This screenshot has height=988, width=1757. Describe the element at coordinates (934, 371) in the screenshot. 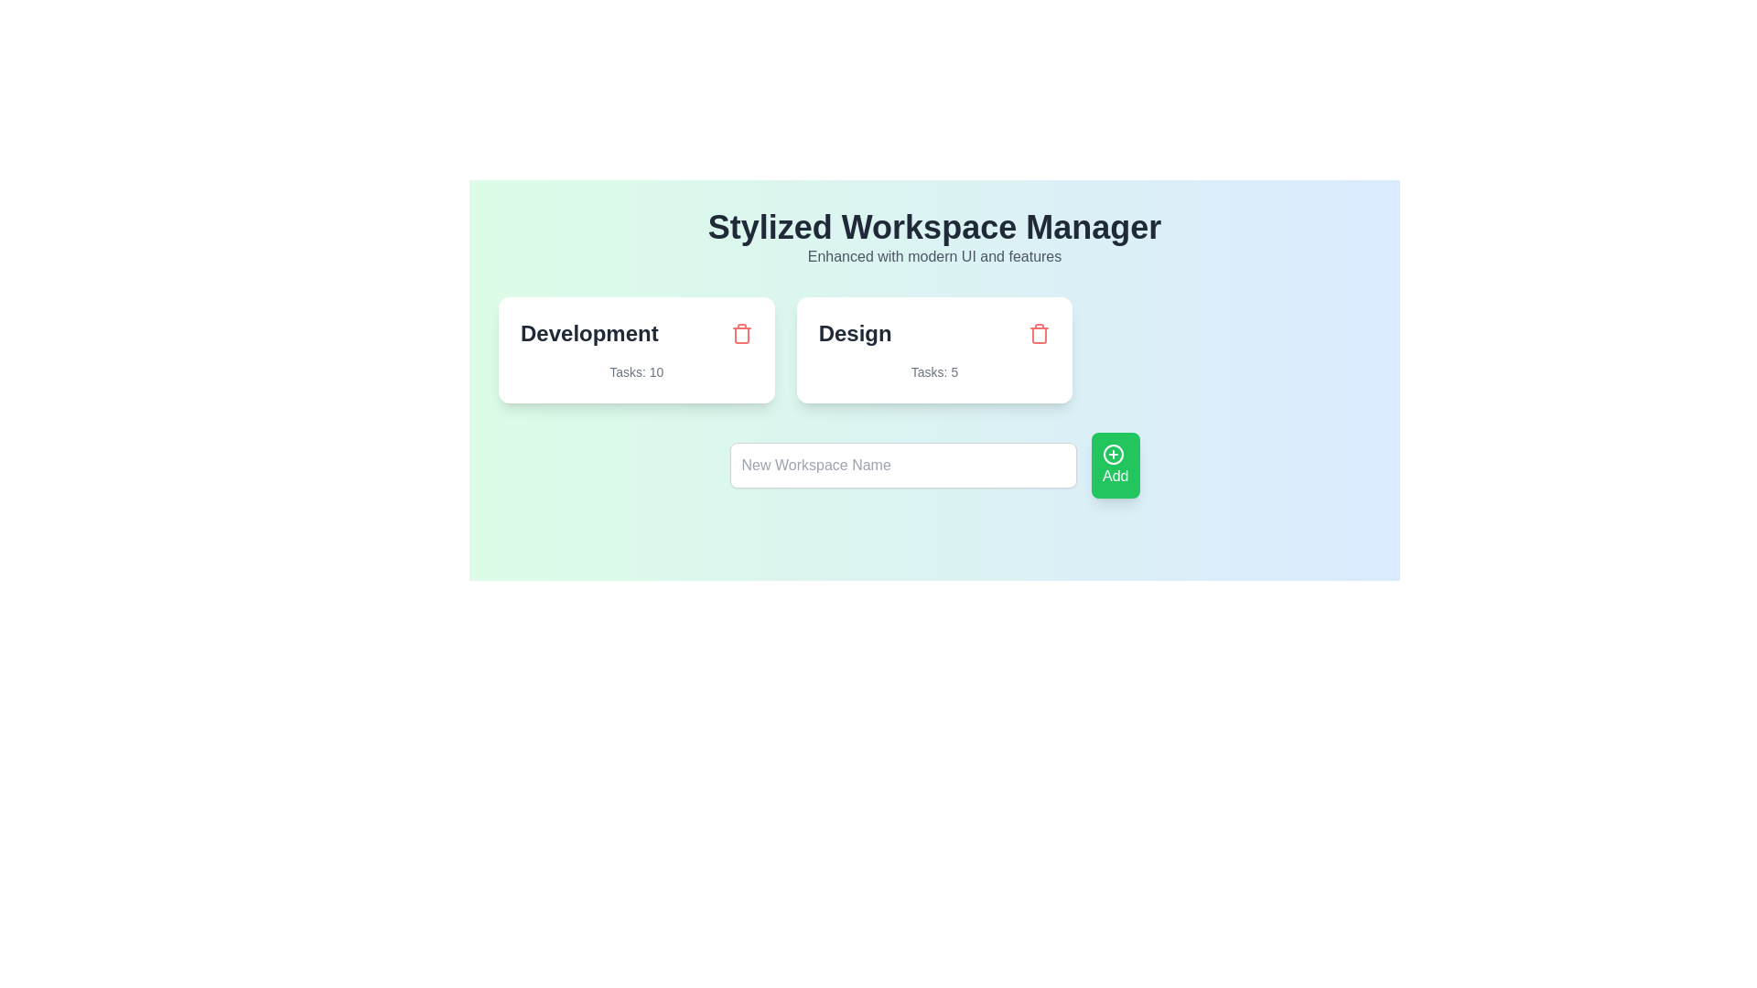

I see `the static text label displaying 'Tasks: 5' located below the header 'Design' within the white rectangular card` at that location.